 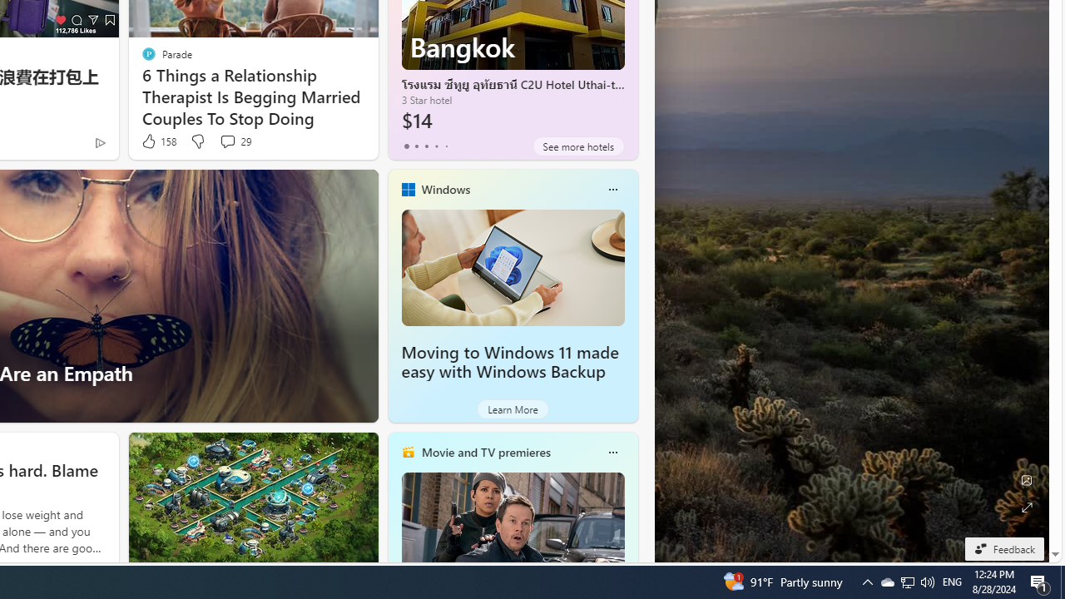 I want to click on 'tab-2', so click(x=426, y=146).